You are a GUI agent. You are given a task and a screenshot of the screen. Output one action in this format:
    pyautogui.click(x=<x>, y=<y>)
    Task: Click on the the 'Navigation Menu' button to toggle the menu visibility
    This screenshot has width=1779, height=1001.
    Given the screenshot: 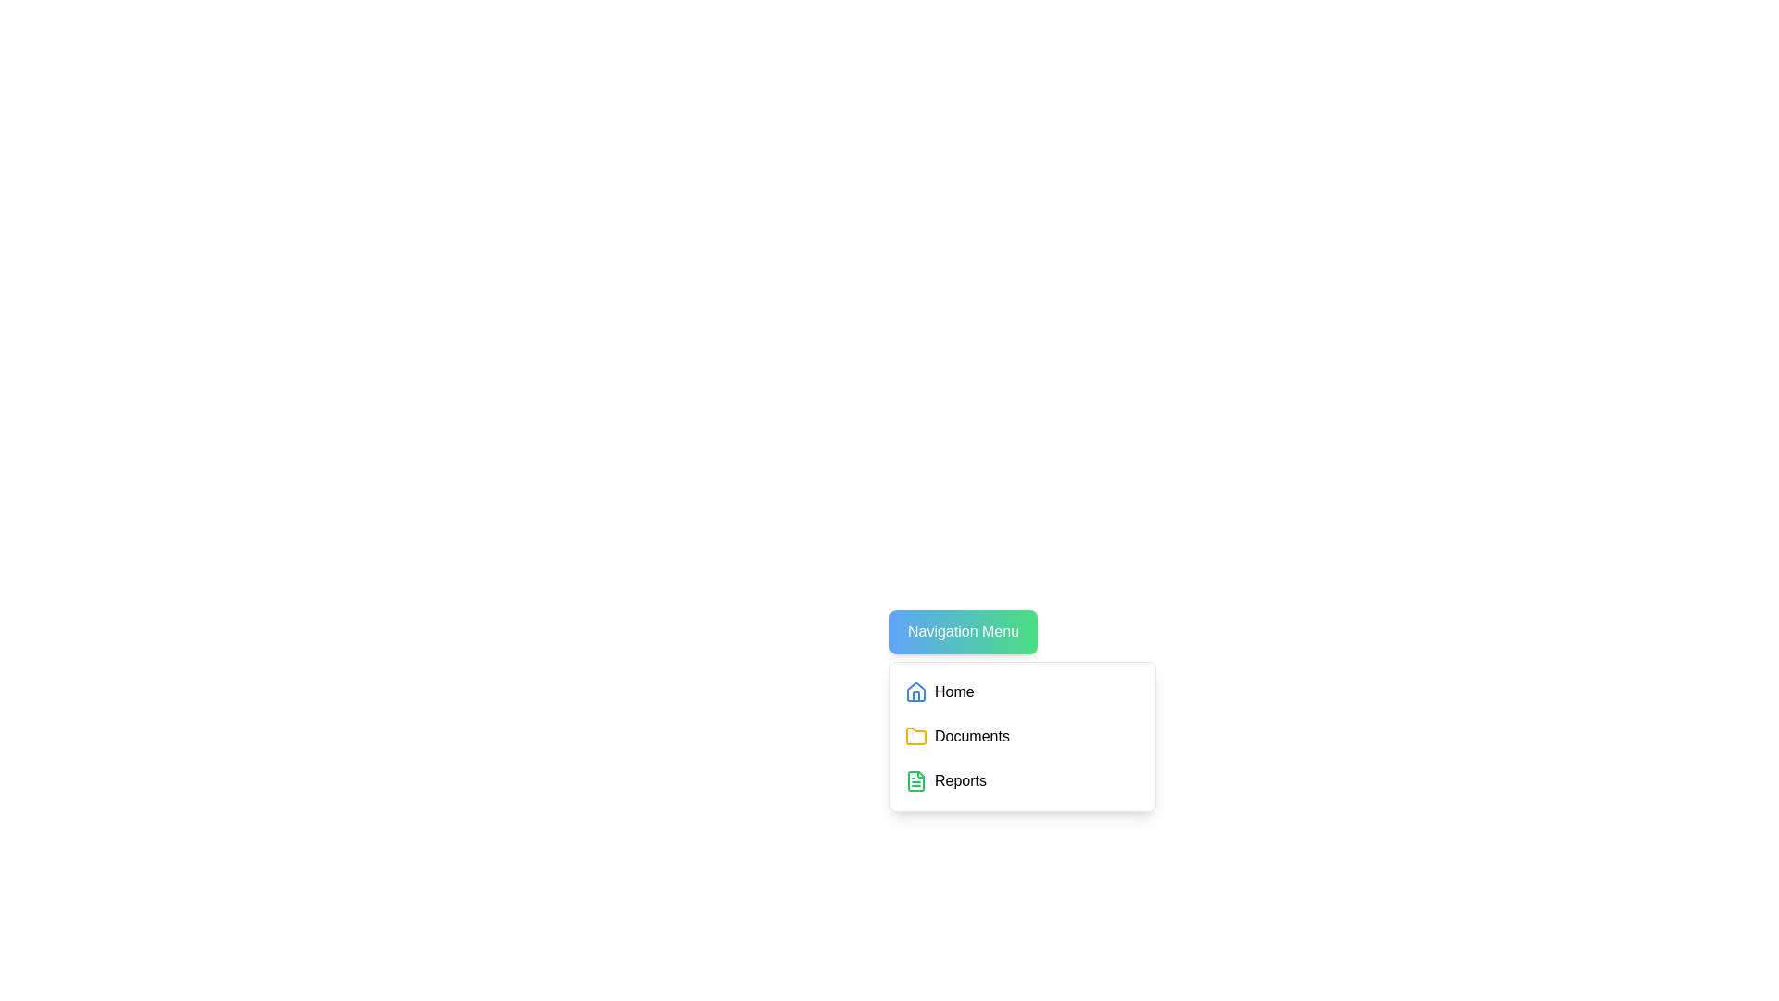 What is the action you would take?
    pyautogui.click(x=964, y=631)
    